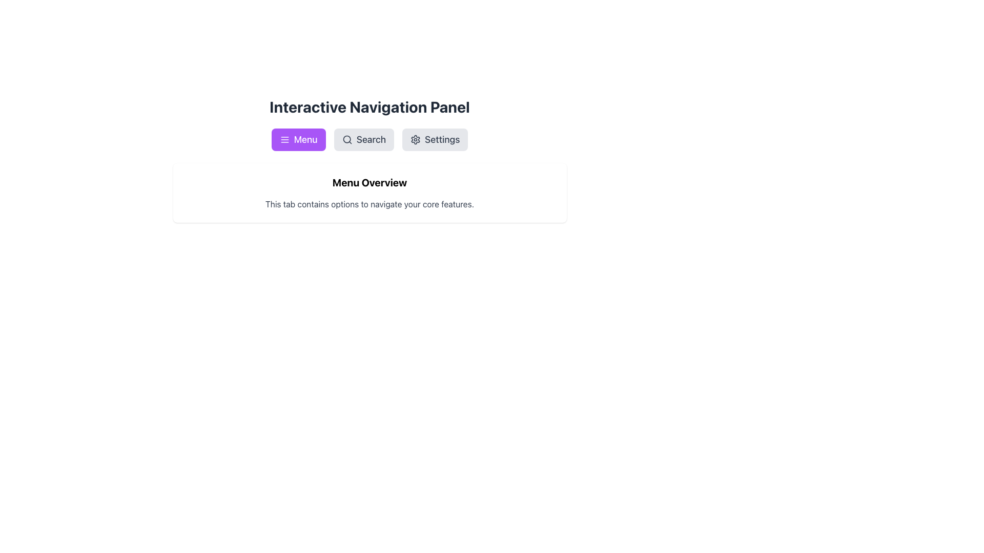 This screenshot has height=553, width=984. What do you see at coordinates (298, 140) in the screenshot?
I see `the 'Menu' button located on the horizontal navigation bar` at bounding box center [298, 140].